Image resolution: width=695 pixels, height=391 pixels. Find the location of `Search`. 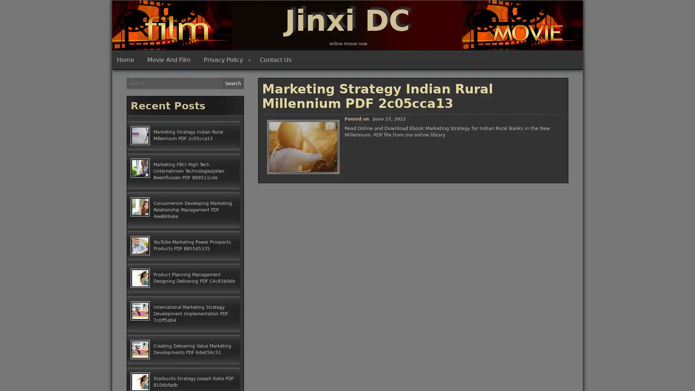

Search is located at coordinates (233, 83).